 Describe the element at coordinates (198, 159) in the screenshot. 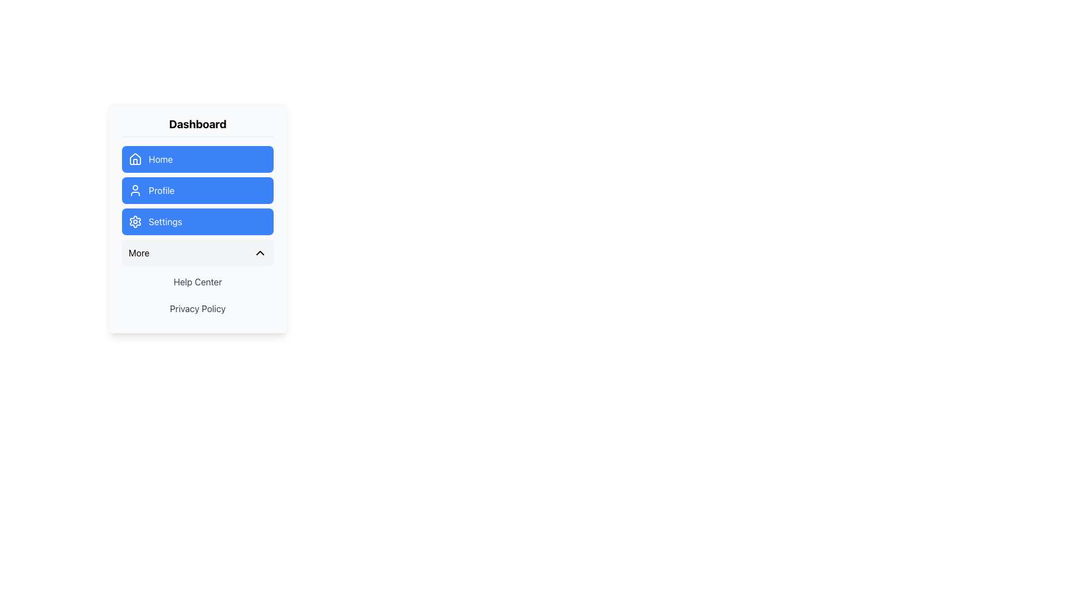

I see `the navigation button that redirects to the Home section of the application` at that location.